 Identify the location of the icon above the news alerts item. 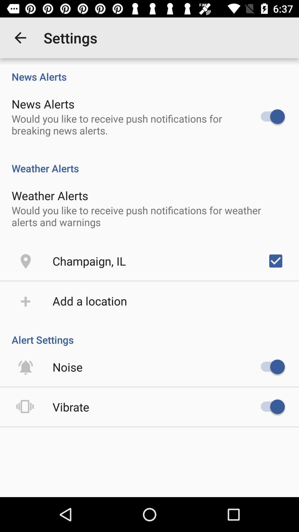
(20, 37).